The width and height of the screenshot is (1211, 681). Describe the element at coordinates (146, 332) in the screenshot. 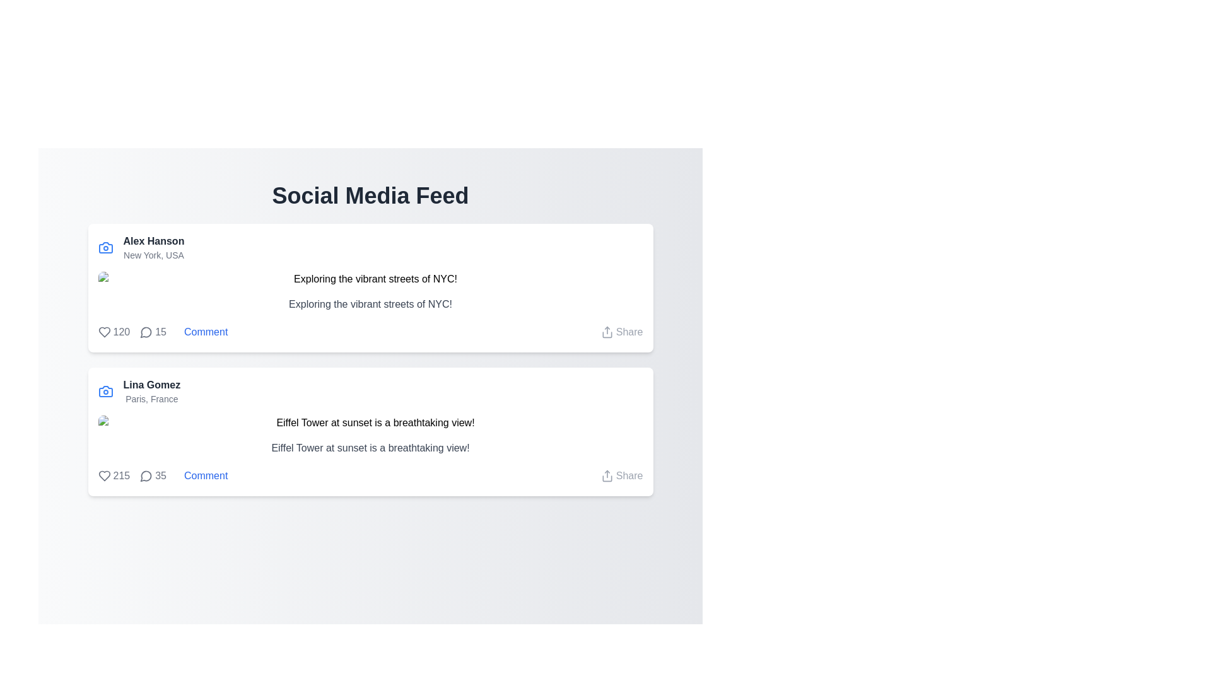

I see `the comment icon located to the immediate right of the heart icon with a numeric value of 120, which displays a count of 15 comments for the first post` at that location.